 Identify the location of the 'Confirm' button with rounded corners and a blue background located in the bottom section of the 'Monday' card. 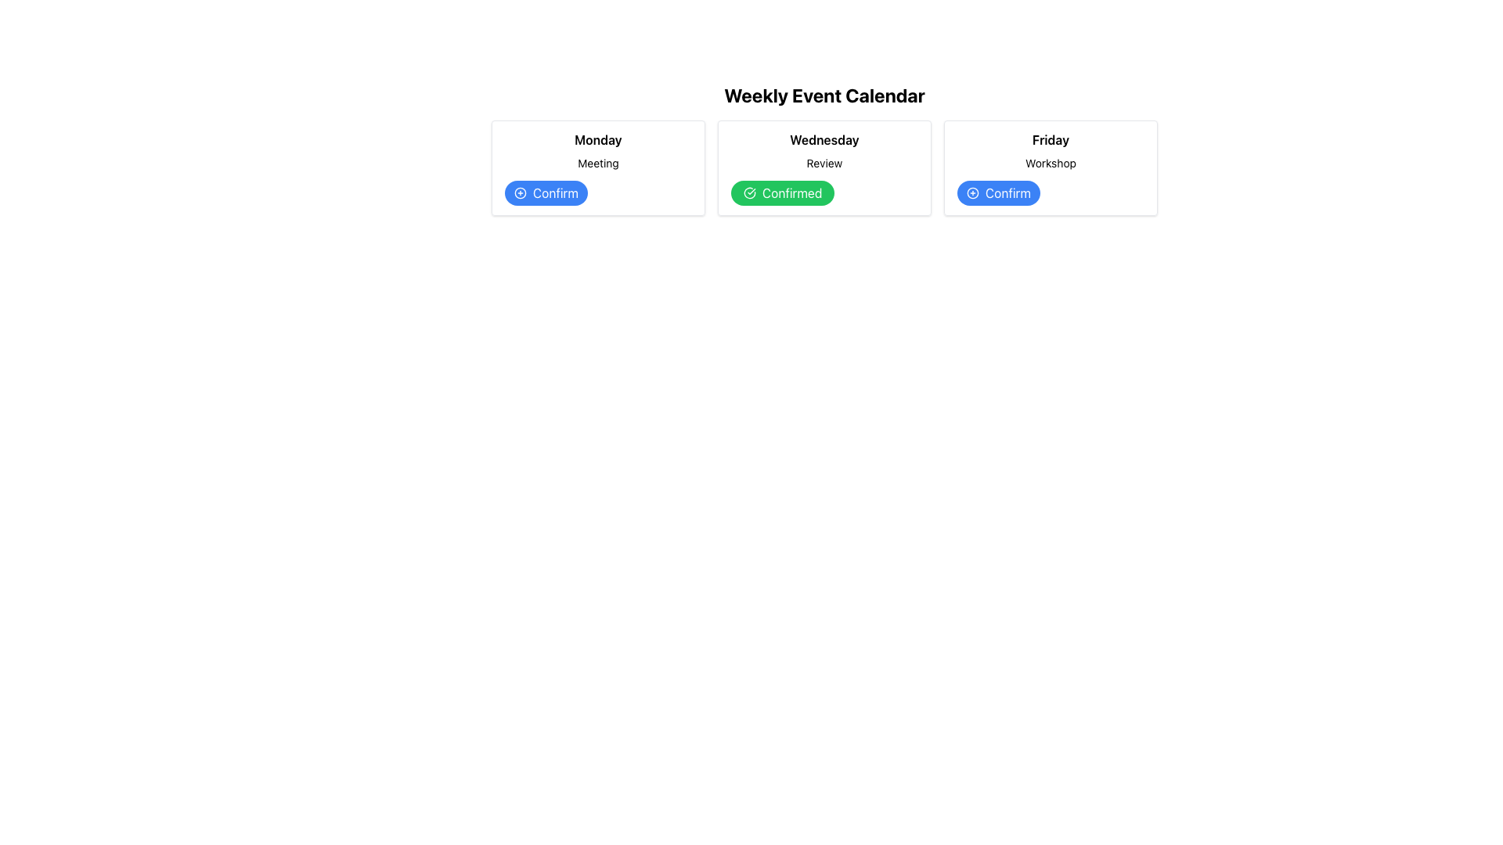
(597, 192).